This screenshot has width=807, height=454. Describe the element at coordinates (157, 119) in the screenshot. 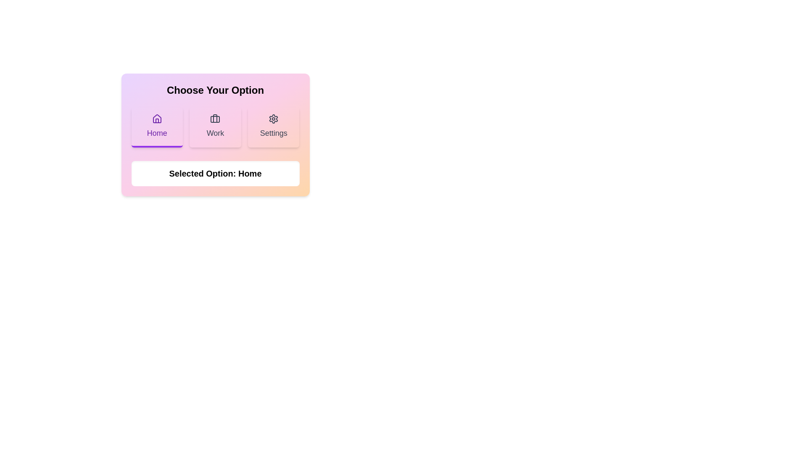

I see `the house-shaped icon element located within the 'Home' button of the horizontal button group at the top of the main content area` at that location.